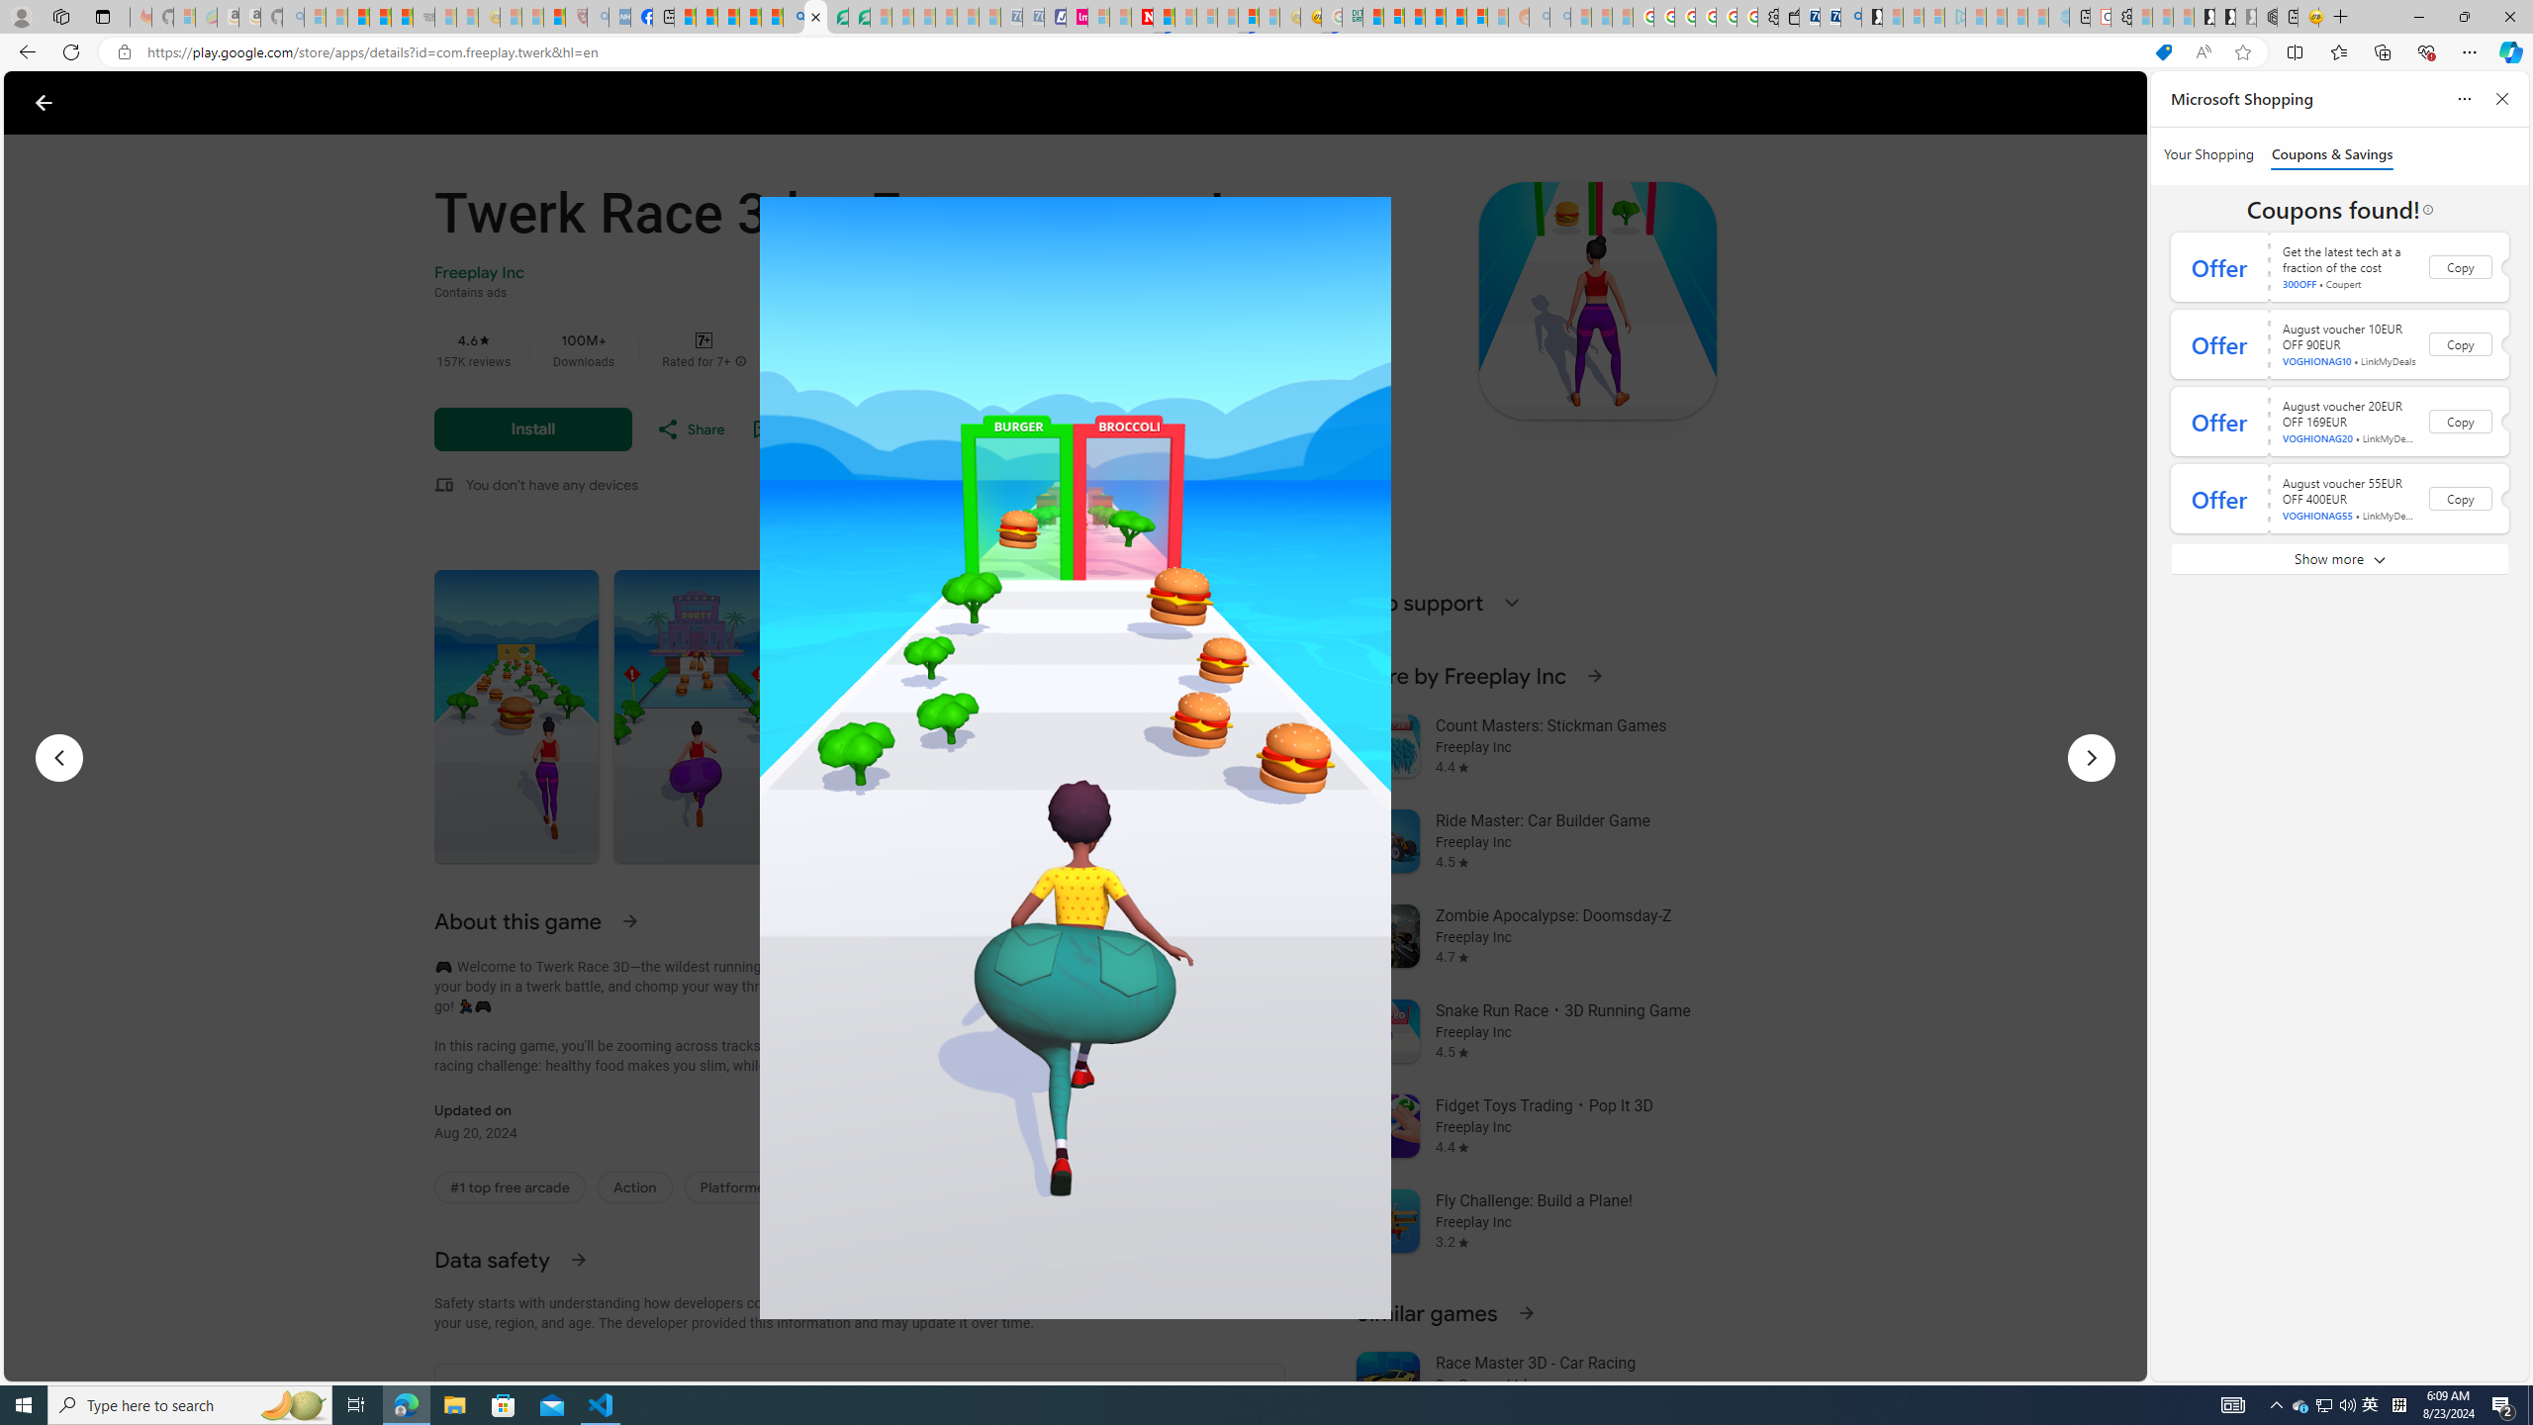 The width and height of the screenshot is (2533, 1425). What do you see at coordinates (532, 428) in the screenshot?
I see `'Install'` at bounding box center [532, 428].